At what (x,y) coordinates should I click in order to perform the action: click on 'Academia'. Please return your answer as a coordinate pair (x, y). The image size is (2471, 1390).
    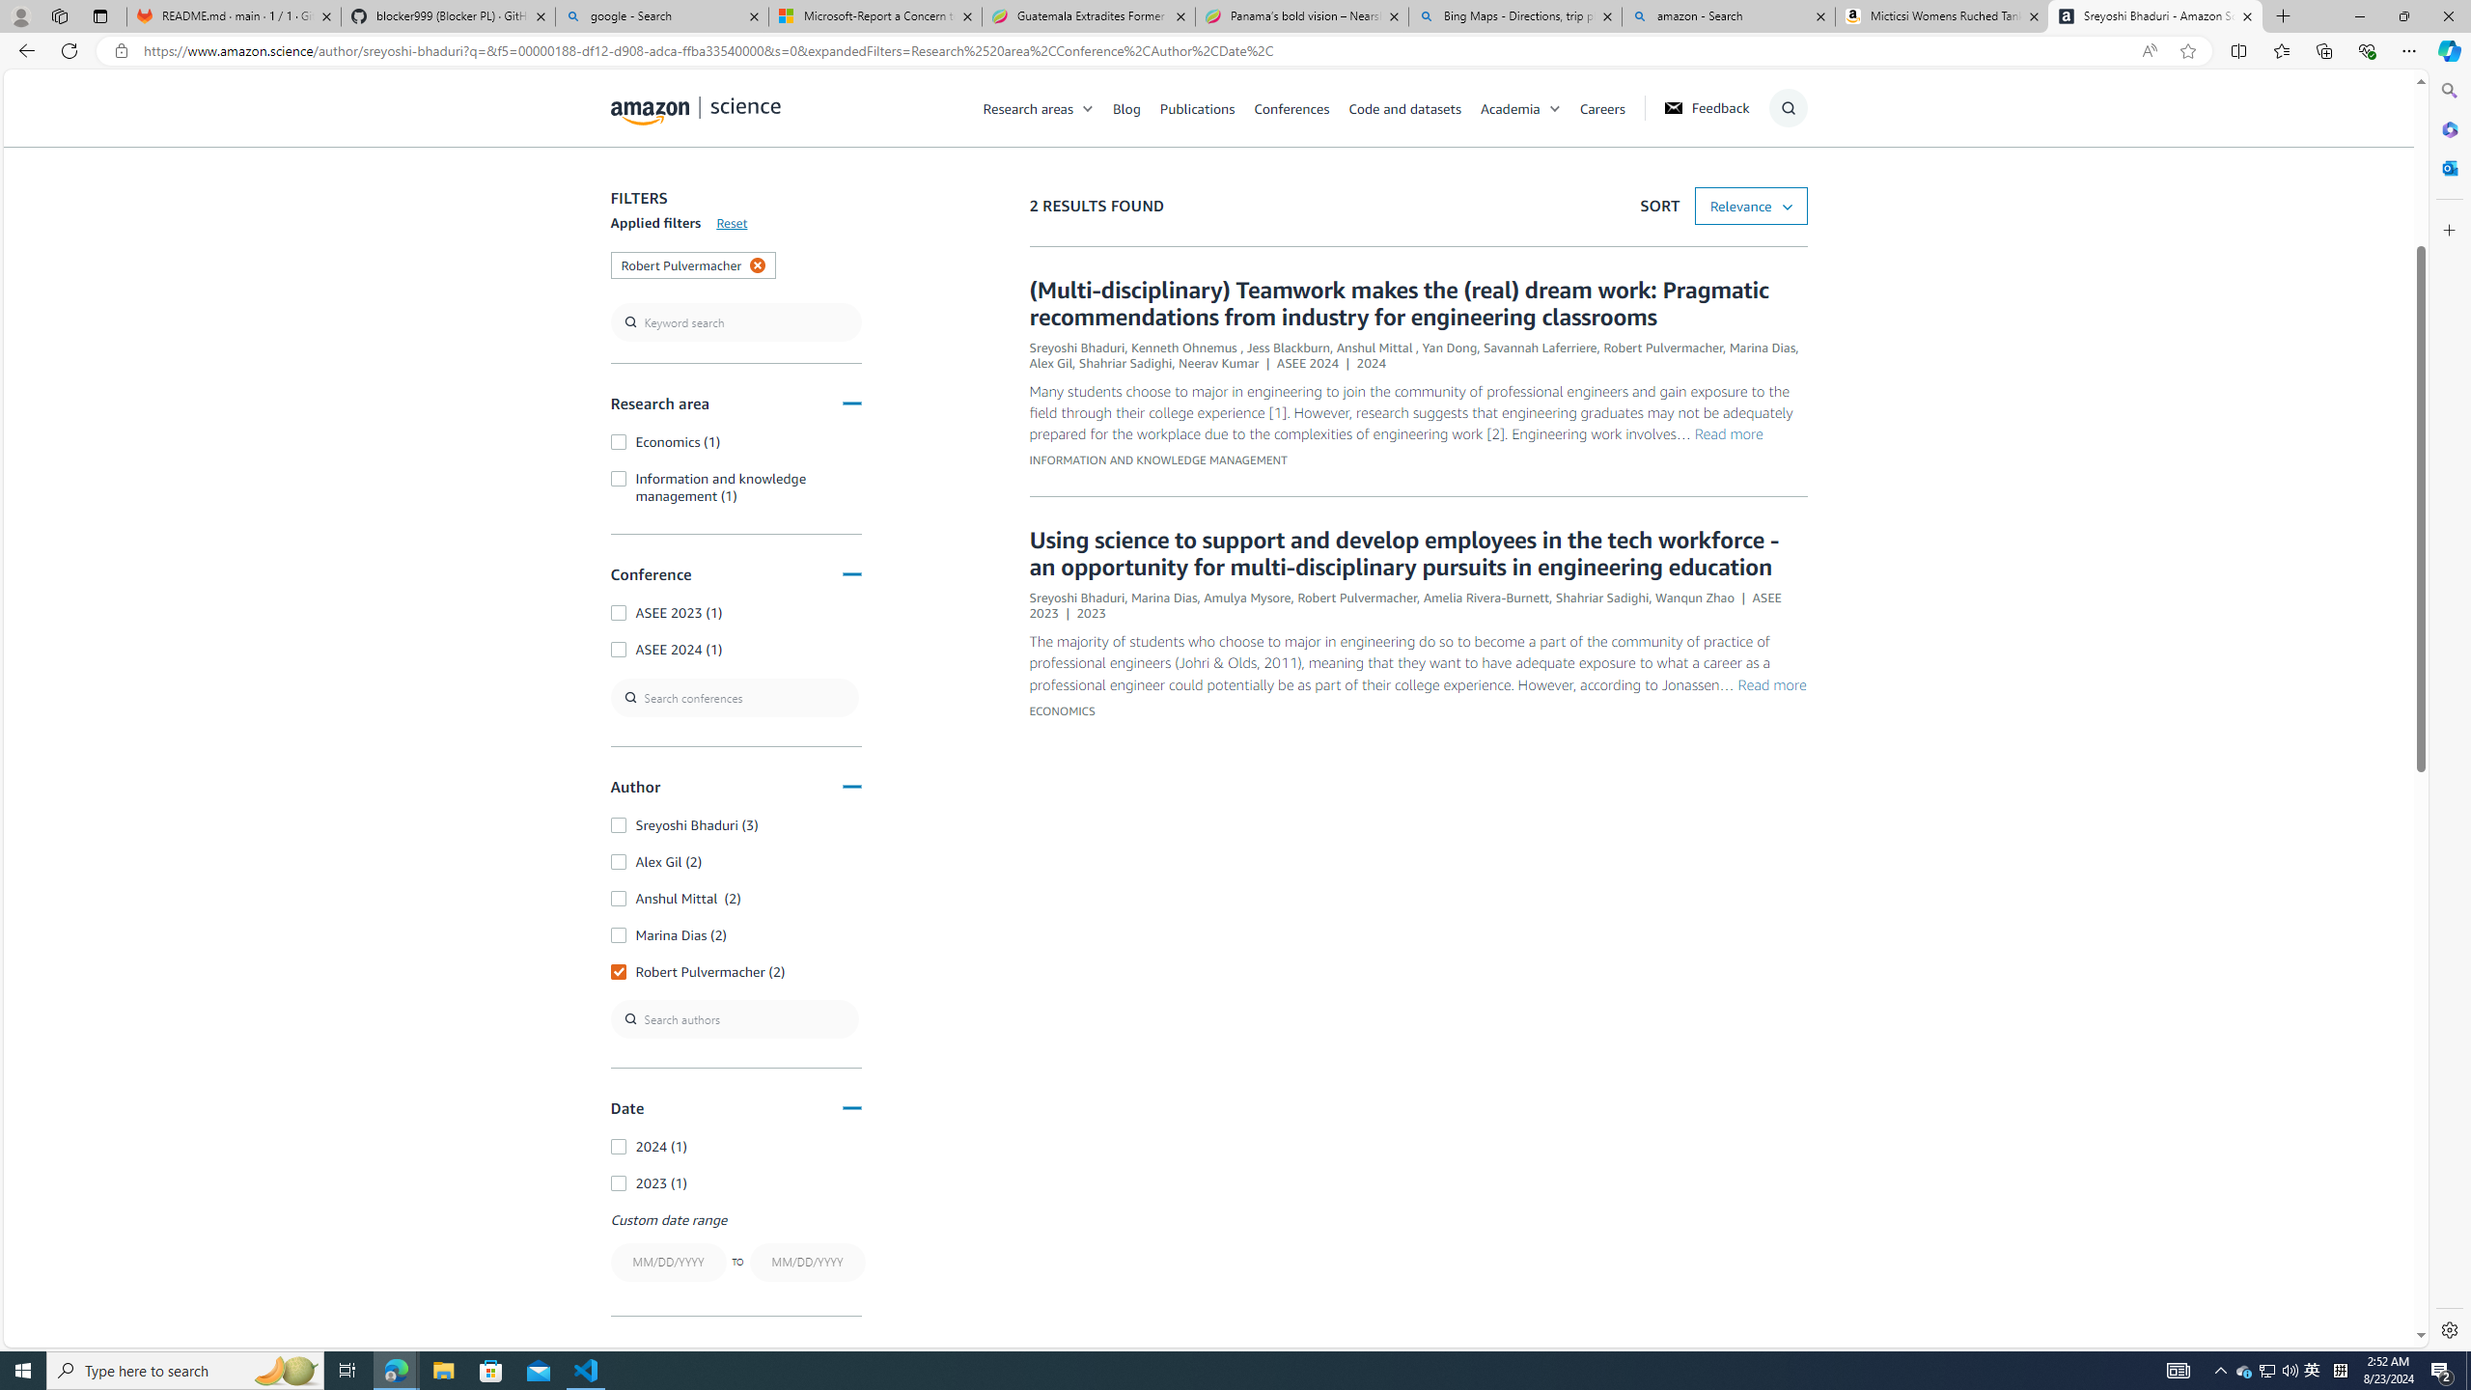
    Looking at the image, I should click on (1528, 107).